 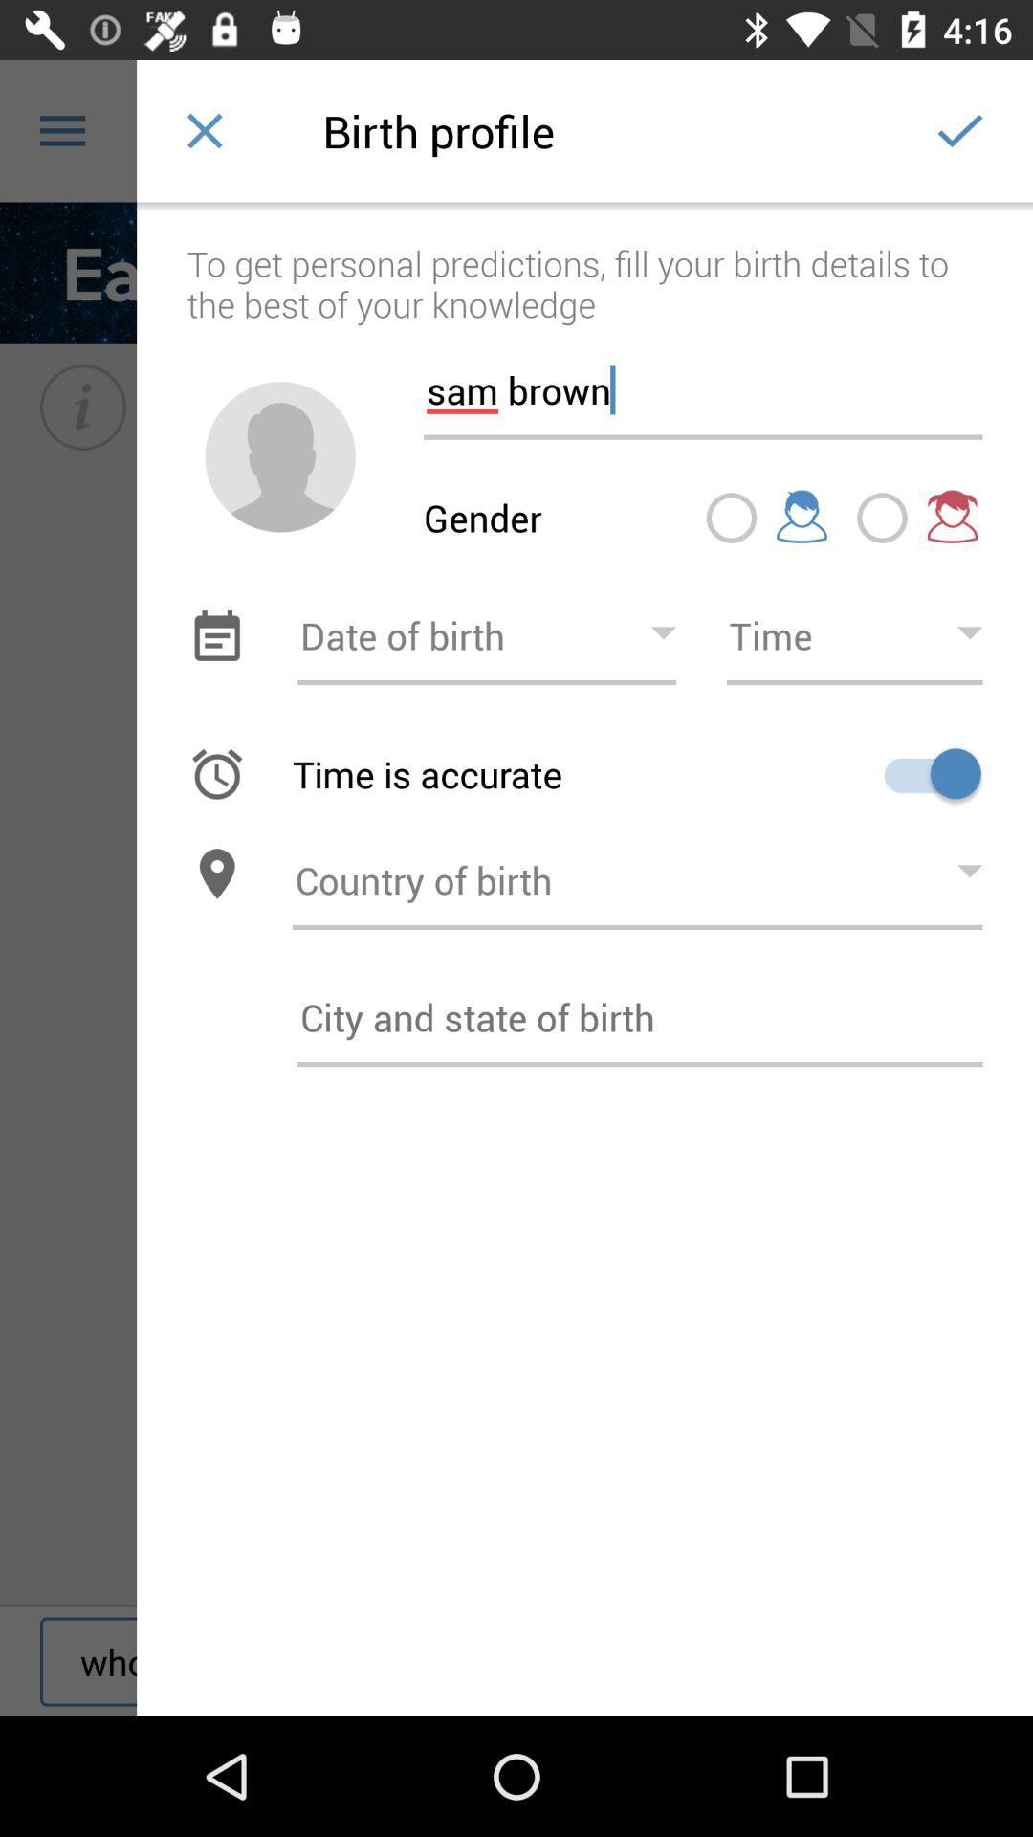 What do you see at coordinates (882, 518) in the screenshot?
I see `click beside girl` at bounding box center [882, 518].